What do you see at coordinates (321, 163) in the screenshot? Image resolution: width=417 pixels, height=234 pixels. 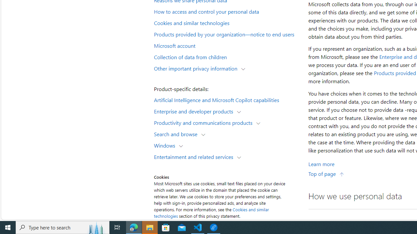 I see `'Learn More about Personal data we collect'` at bounding box center [321, 163].